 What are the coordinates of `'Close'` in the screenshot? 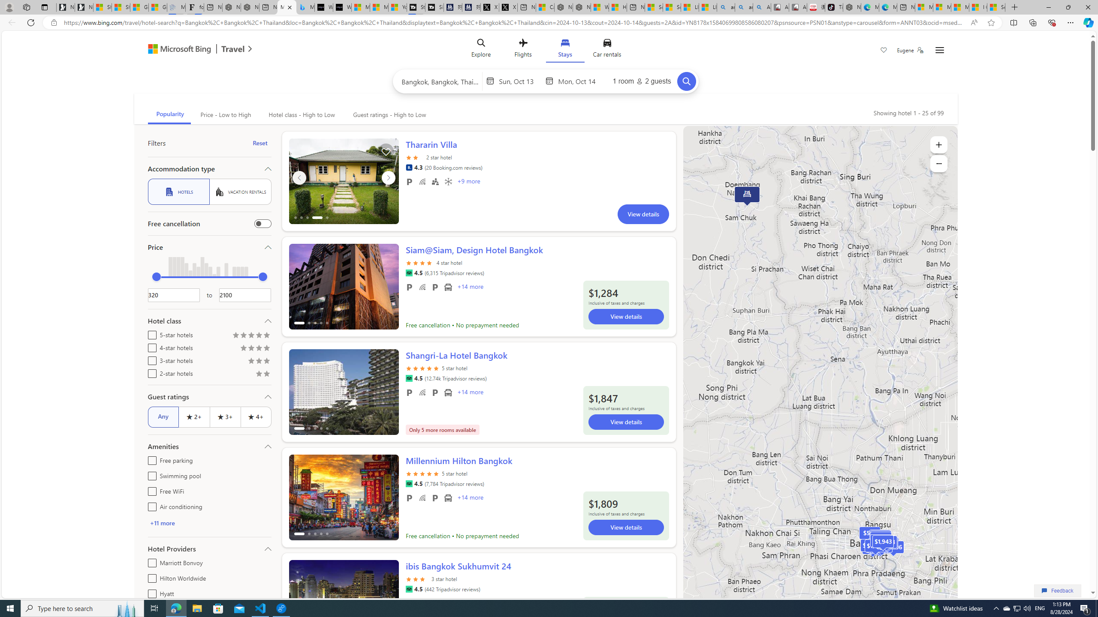 It's located at (1087, 7).